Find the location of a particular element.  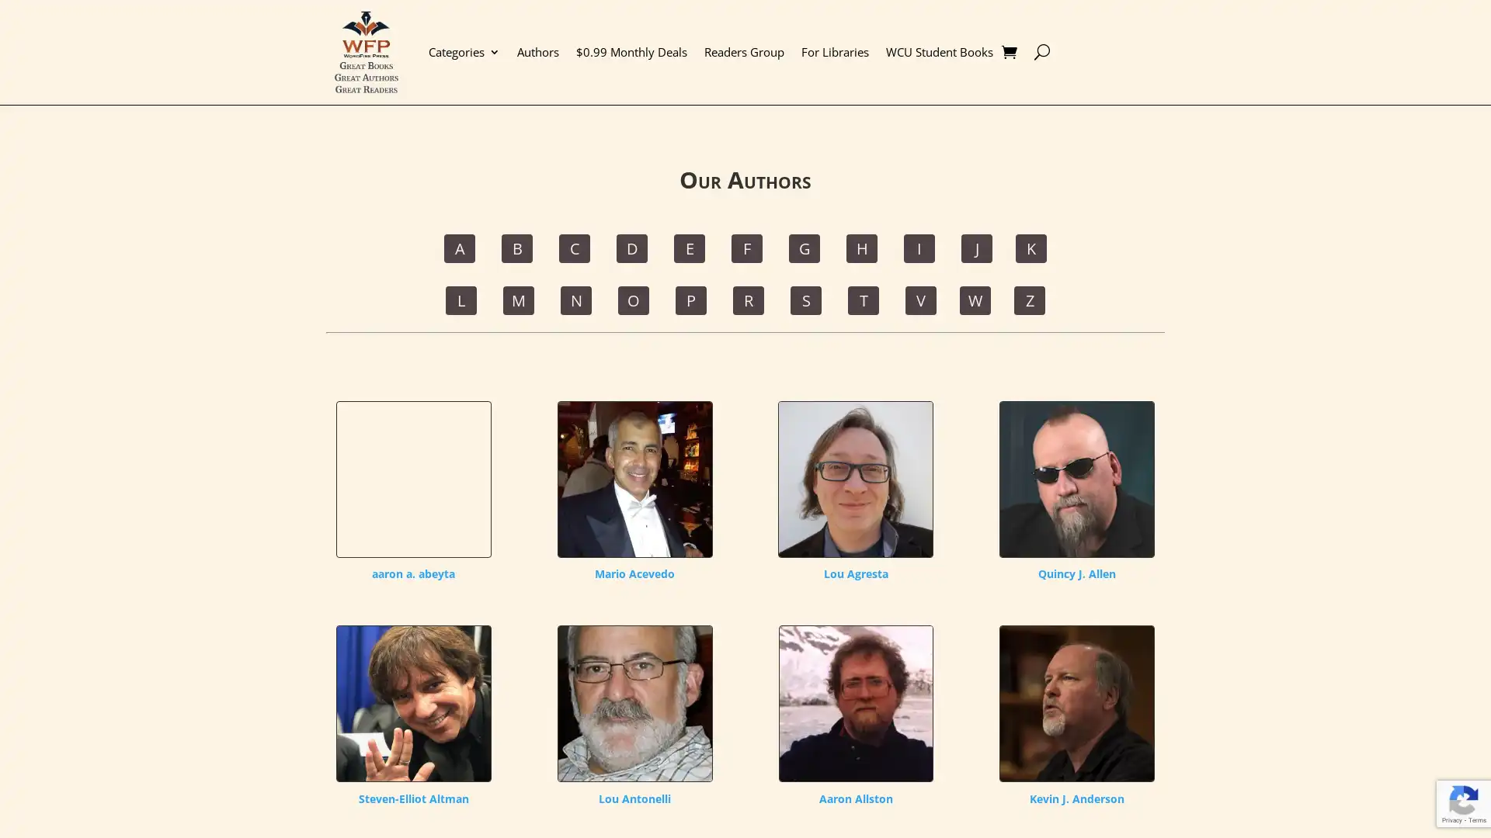

P is located at coordinates (690, 300).